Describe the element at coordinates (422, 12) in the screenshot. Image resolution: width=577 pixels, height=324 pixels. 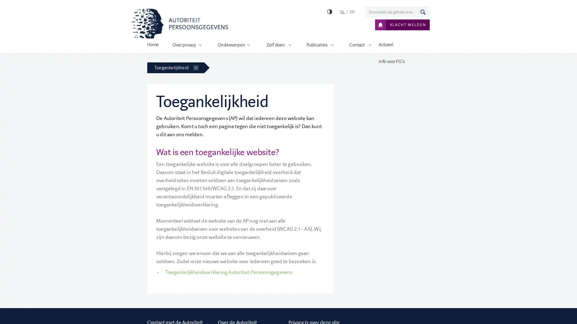
I see `Zoeken` at that location.